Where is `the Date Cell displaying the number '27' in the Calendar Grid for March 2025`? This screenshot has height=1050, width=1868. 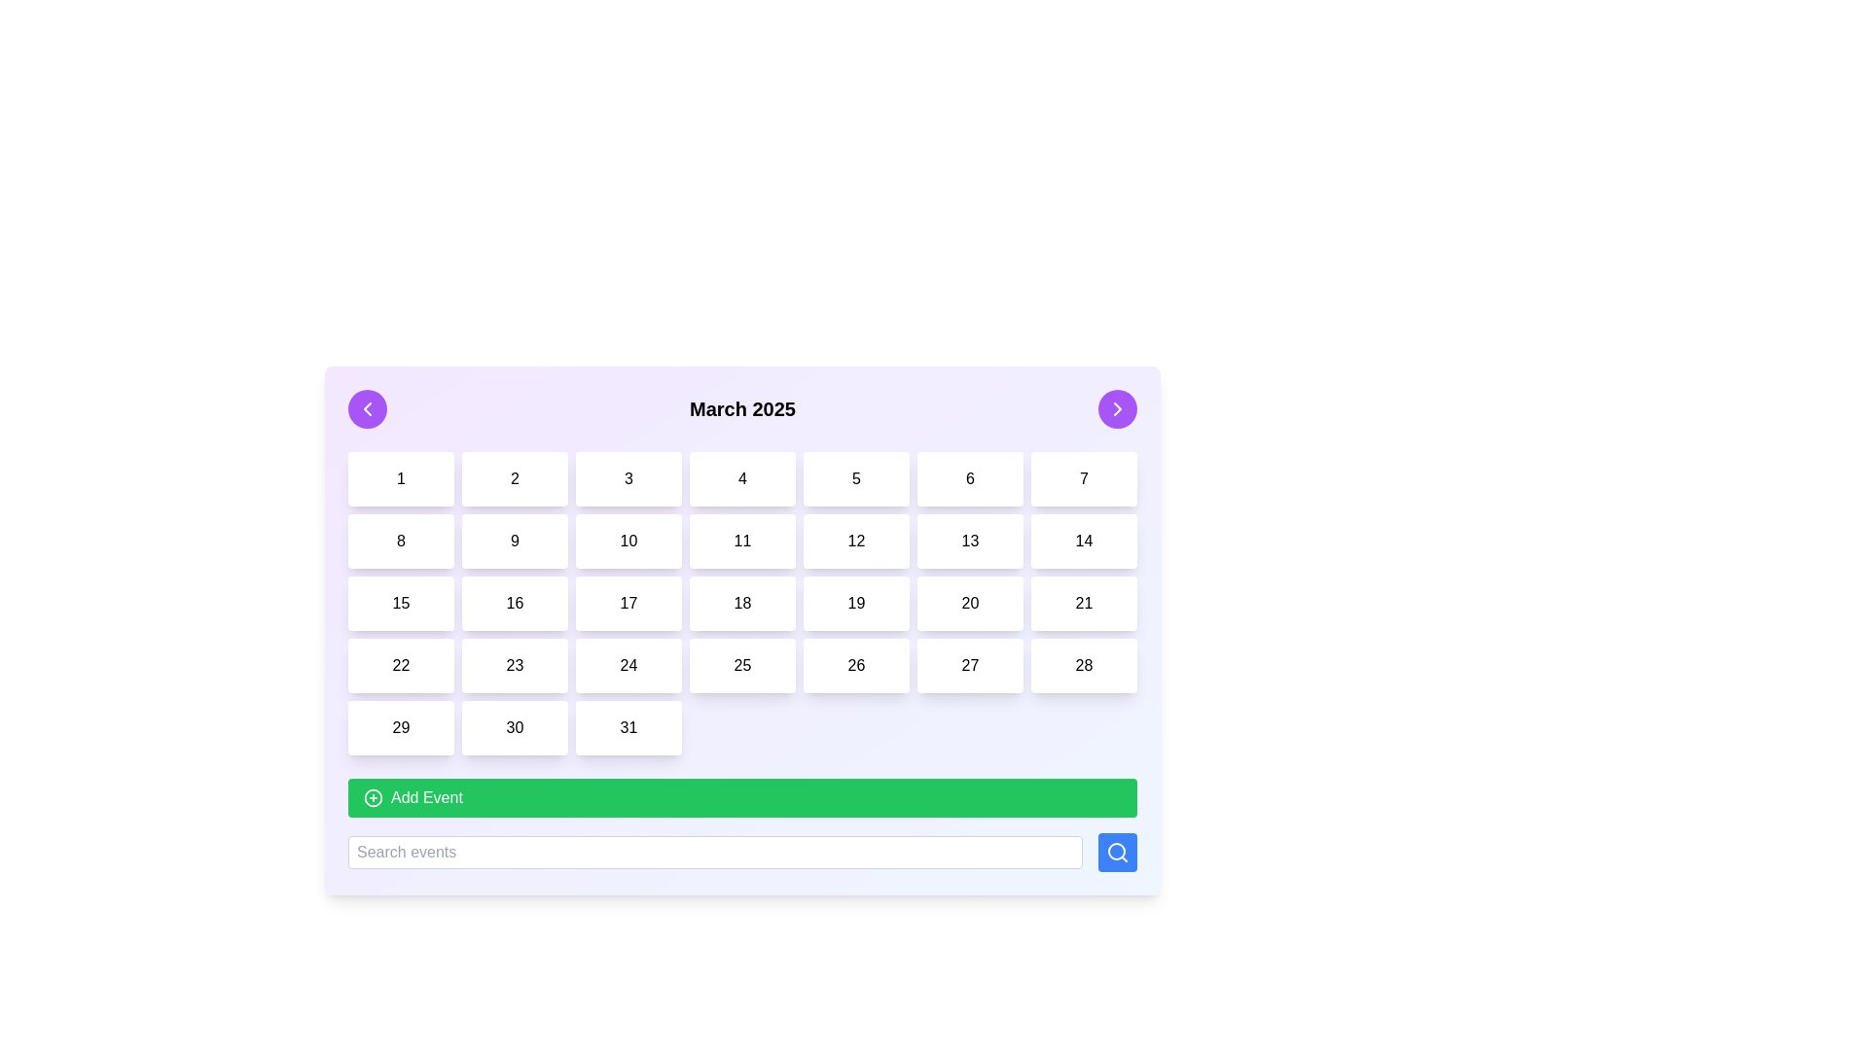
the Date Cell displaying the number '27' in the Calendar Grid for March 2025 is located at coordinates (970, 665).